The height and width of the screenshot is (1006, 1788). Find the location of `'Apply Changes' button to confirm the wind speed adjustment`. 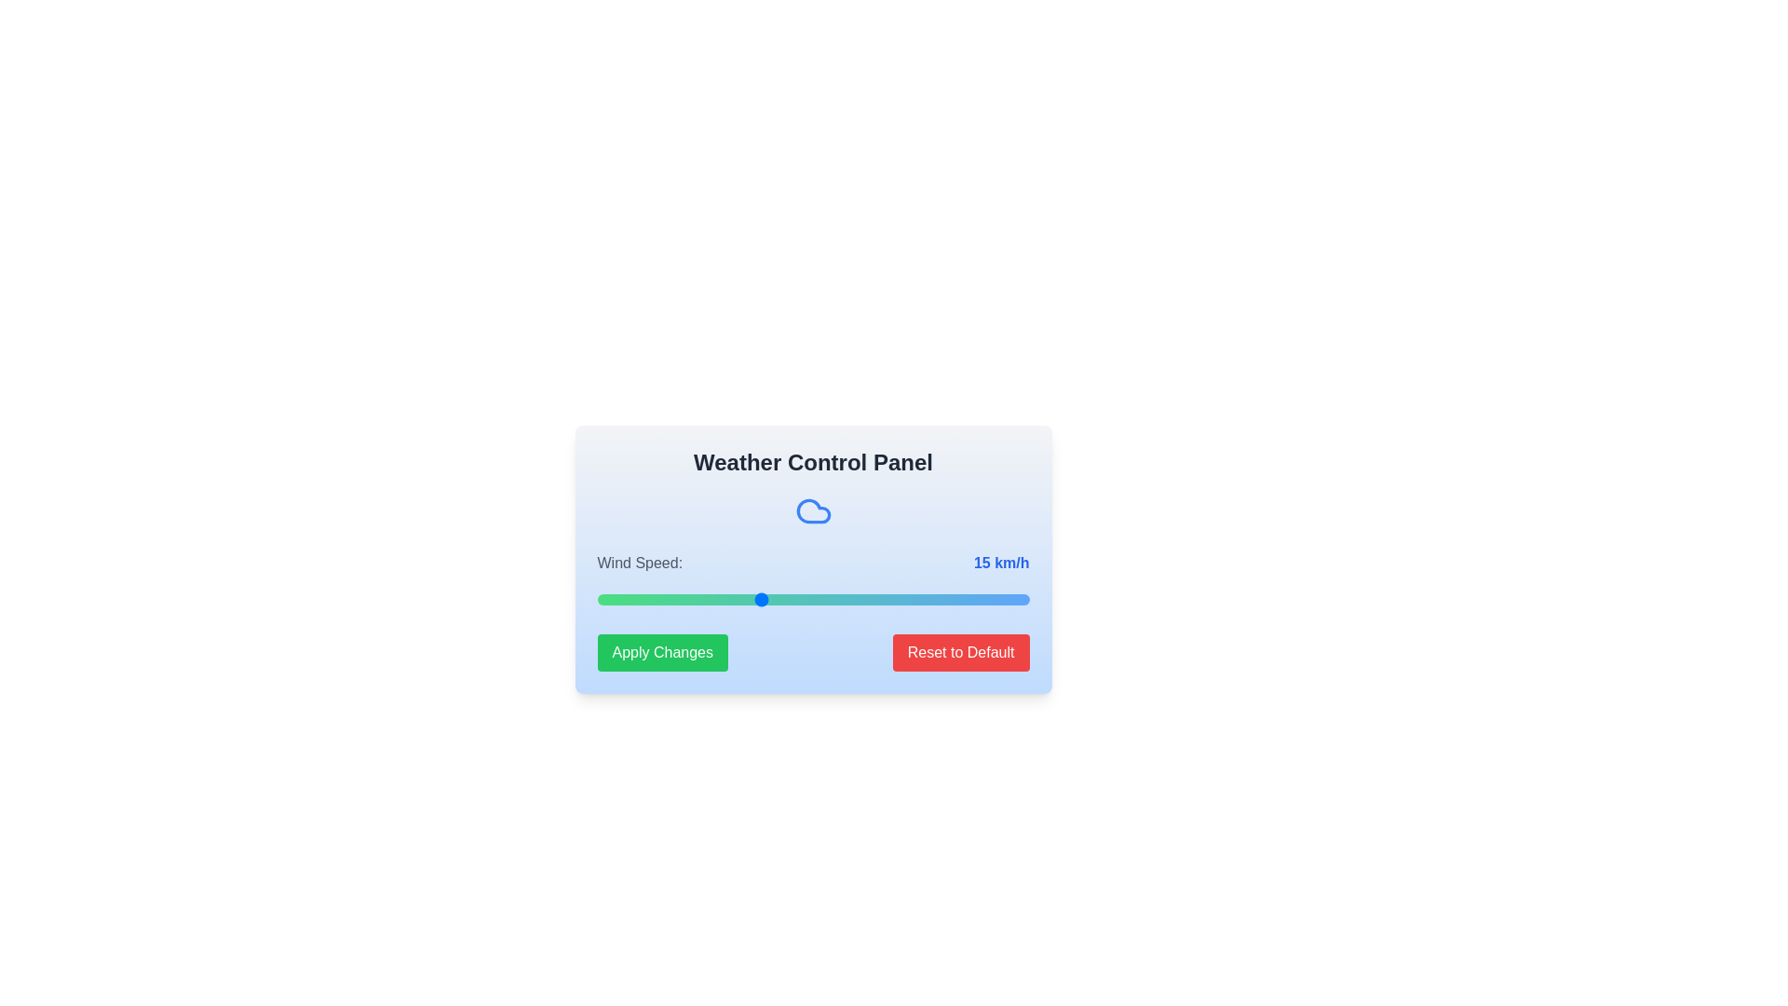

'Apply Changes' button to confirm the wind speed adjustment is located at coordinates (662, 652).